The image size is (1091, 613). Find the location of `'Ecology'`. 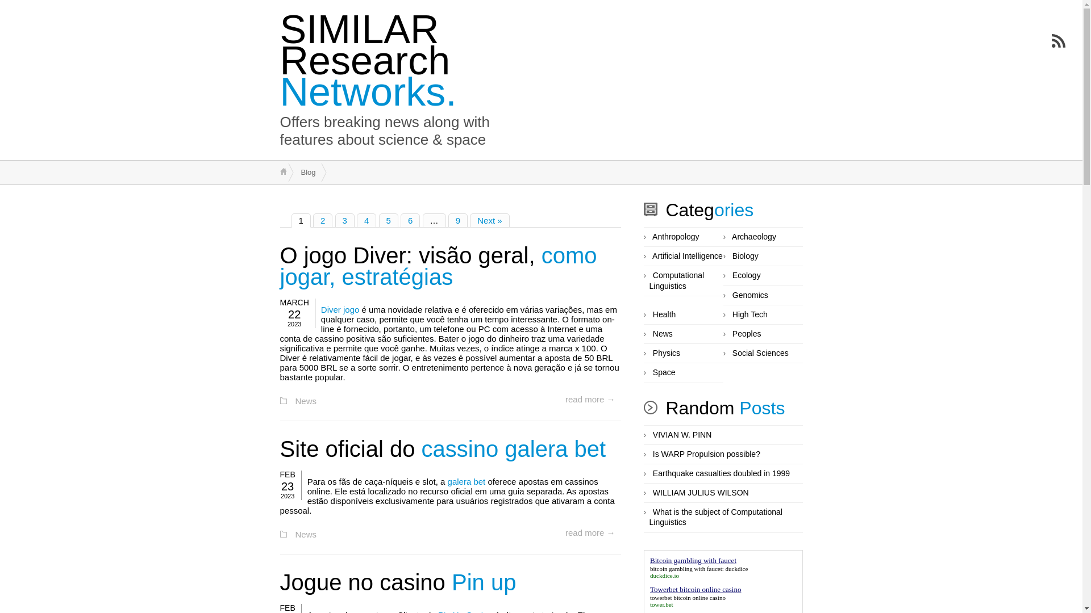

'Ecology' is located at coordinates (732, 276).